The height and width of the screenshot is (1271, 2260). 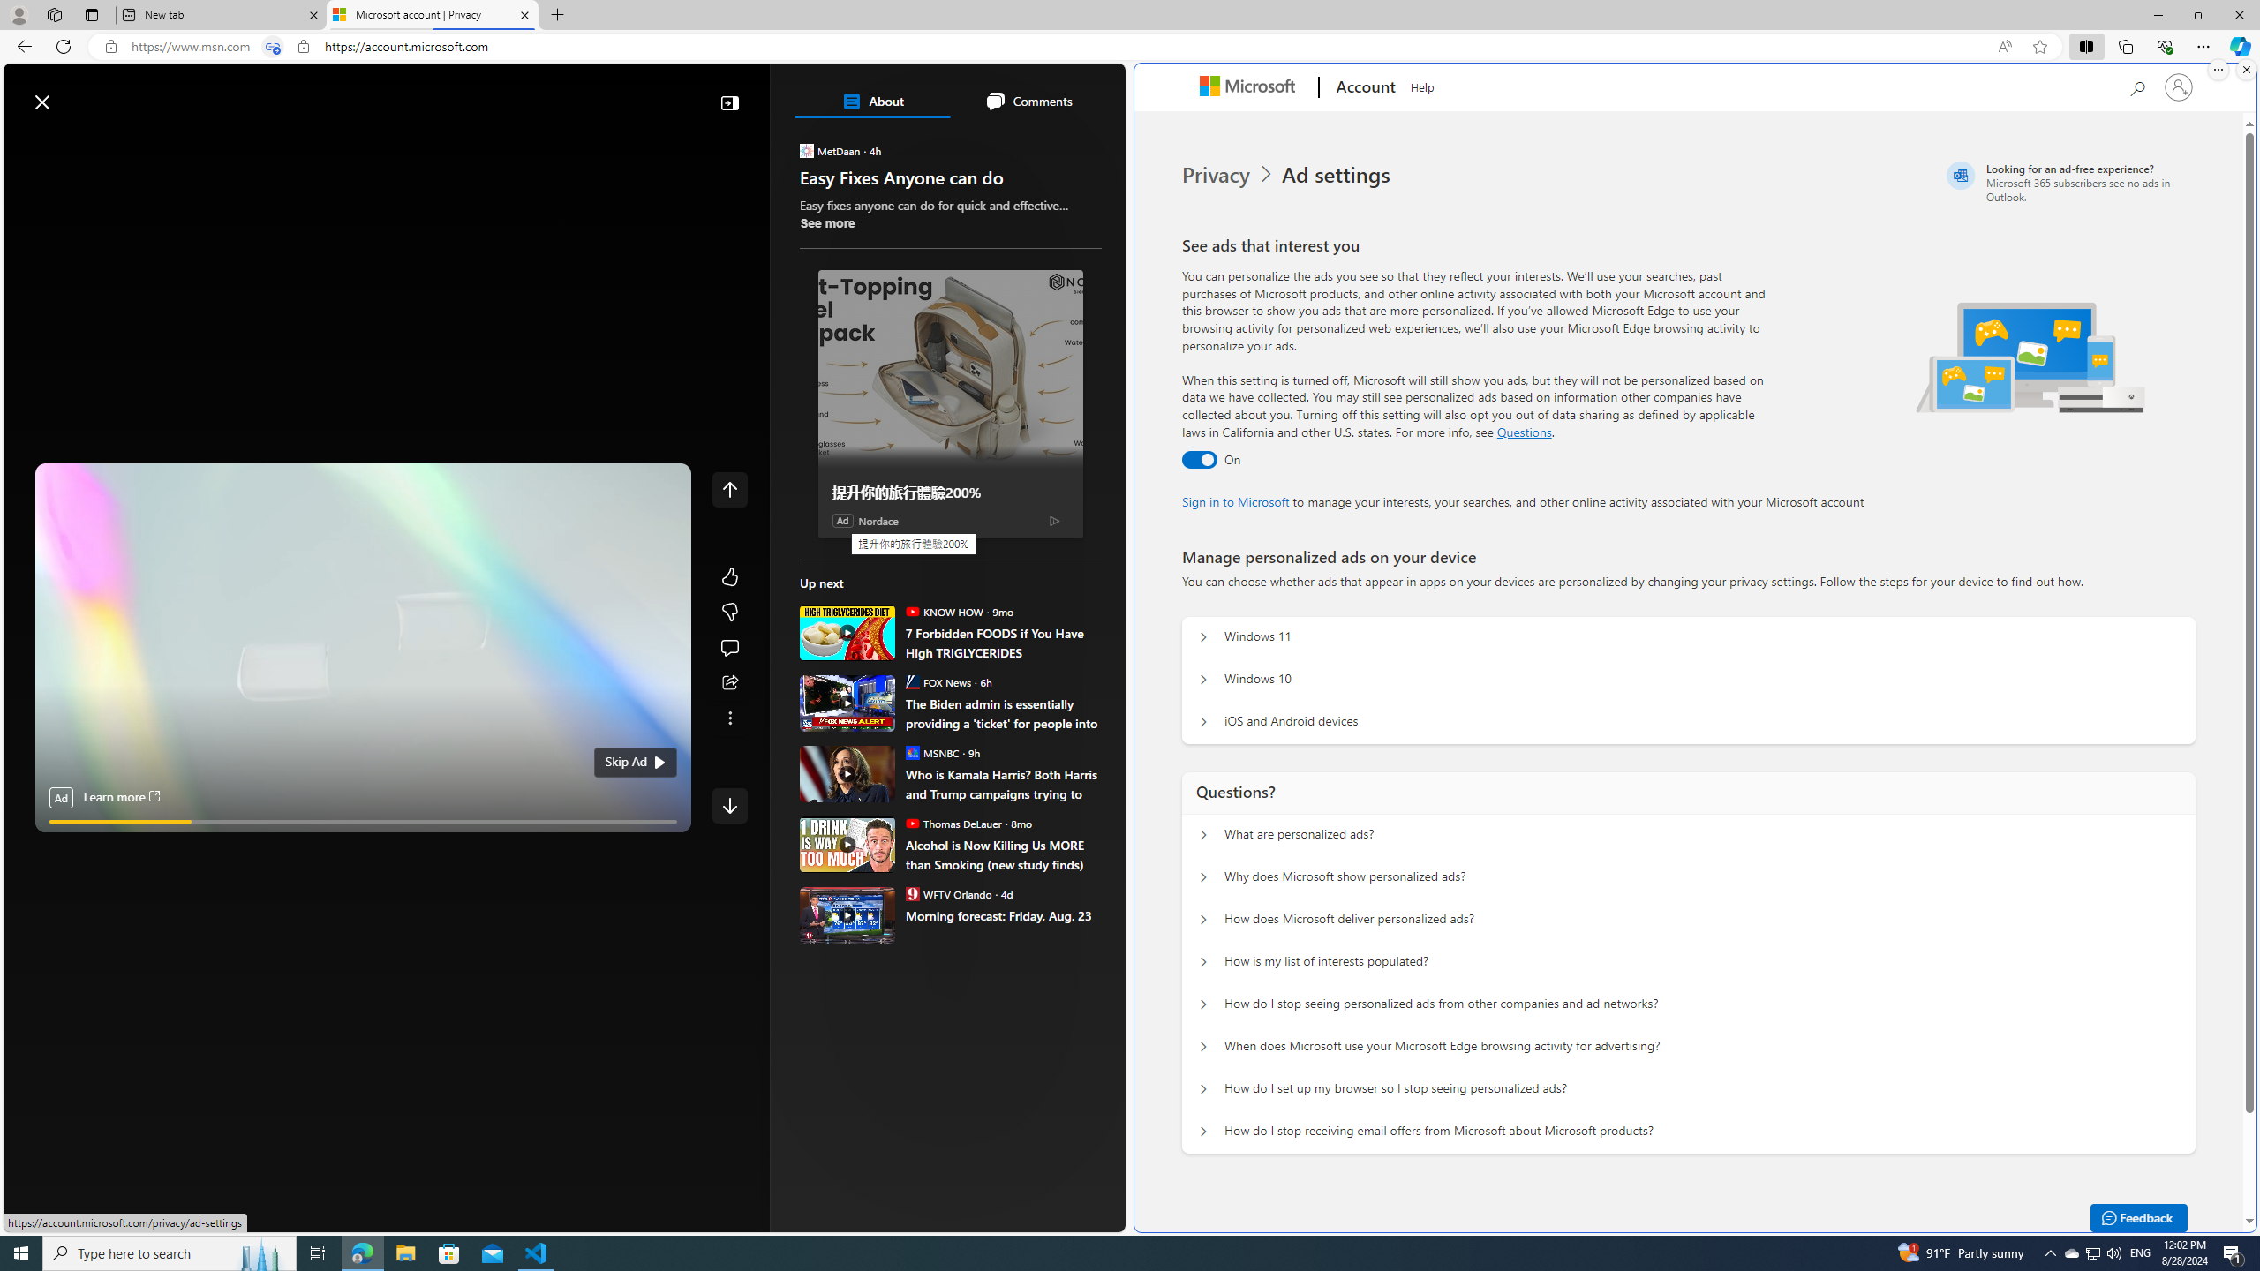 I want to click on 'Unmute', so click(x=668, y=842).